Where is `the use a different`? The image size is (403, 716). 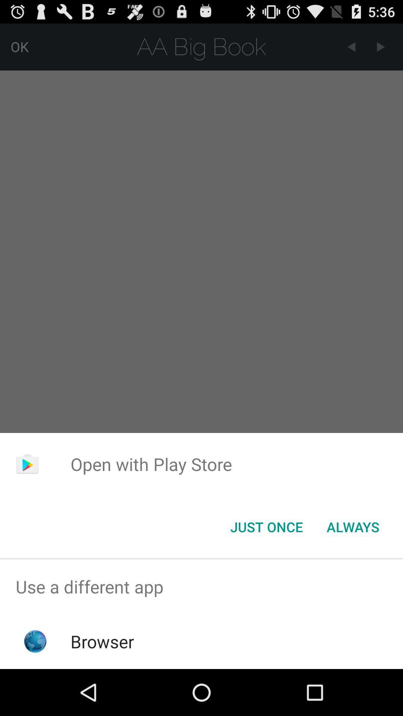
the use a different is located at coordinates (201, 586).